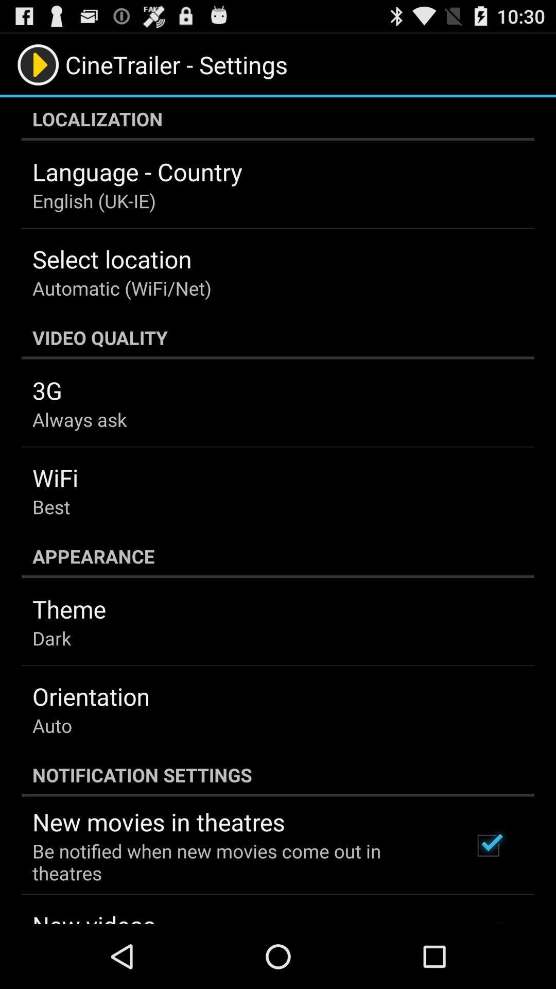 The height and width of the screenshot is (989, 556). I want to click on the theme item, so click(69, 609).